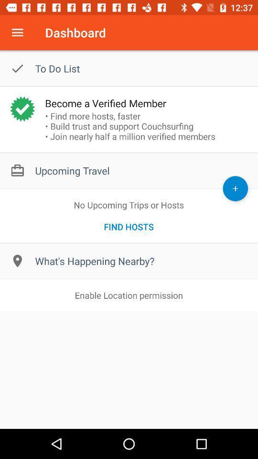 This screenshot has height=459, width=258. I want to click on item next to the dashboard, so click(17, 33).